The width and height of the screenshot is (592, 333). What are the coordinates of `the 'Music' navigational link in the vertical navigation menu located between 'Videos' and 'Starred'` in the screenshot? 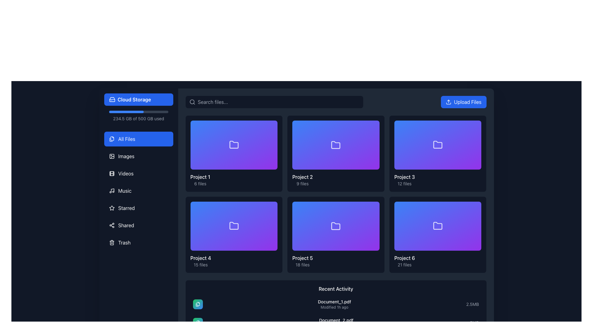 It's located at (124, 190).